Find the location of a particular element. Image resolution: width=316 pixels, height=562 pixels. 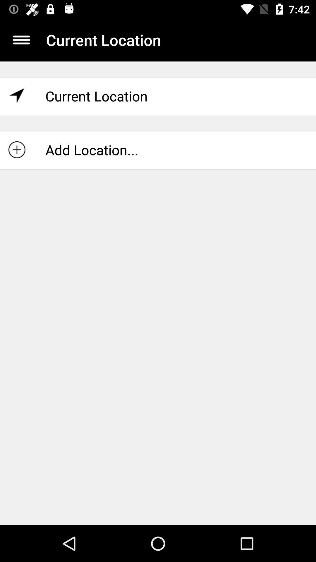

icon above current location icon is located at coordinates (21, 40).